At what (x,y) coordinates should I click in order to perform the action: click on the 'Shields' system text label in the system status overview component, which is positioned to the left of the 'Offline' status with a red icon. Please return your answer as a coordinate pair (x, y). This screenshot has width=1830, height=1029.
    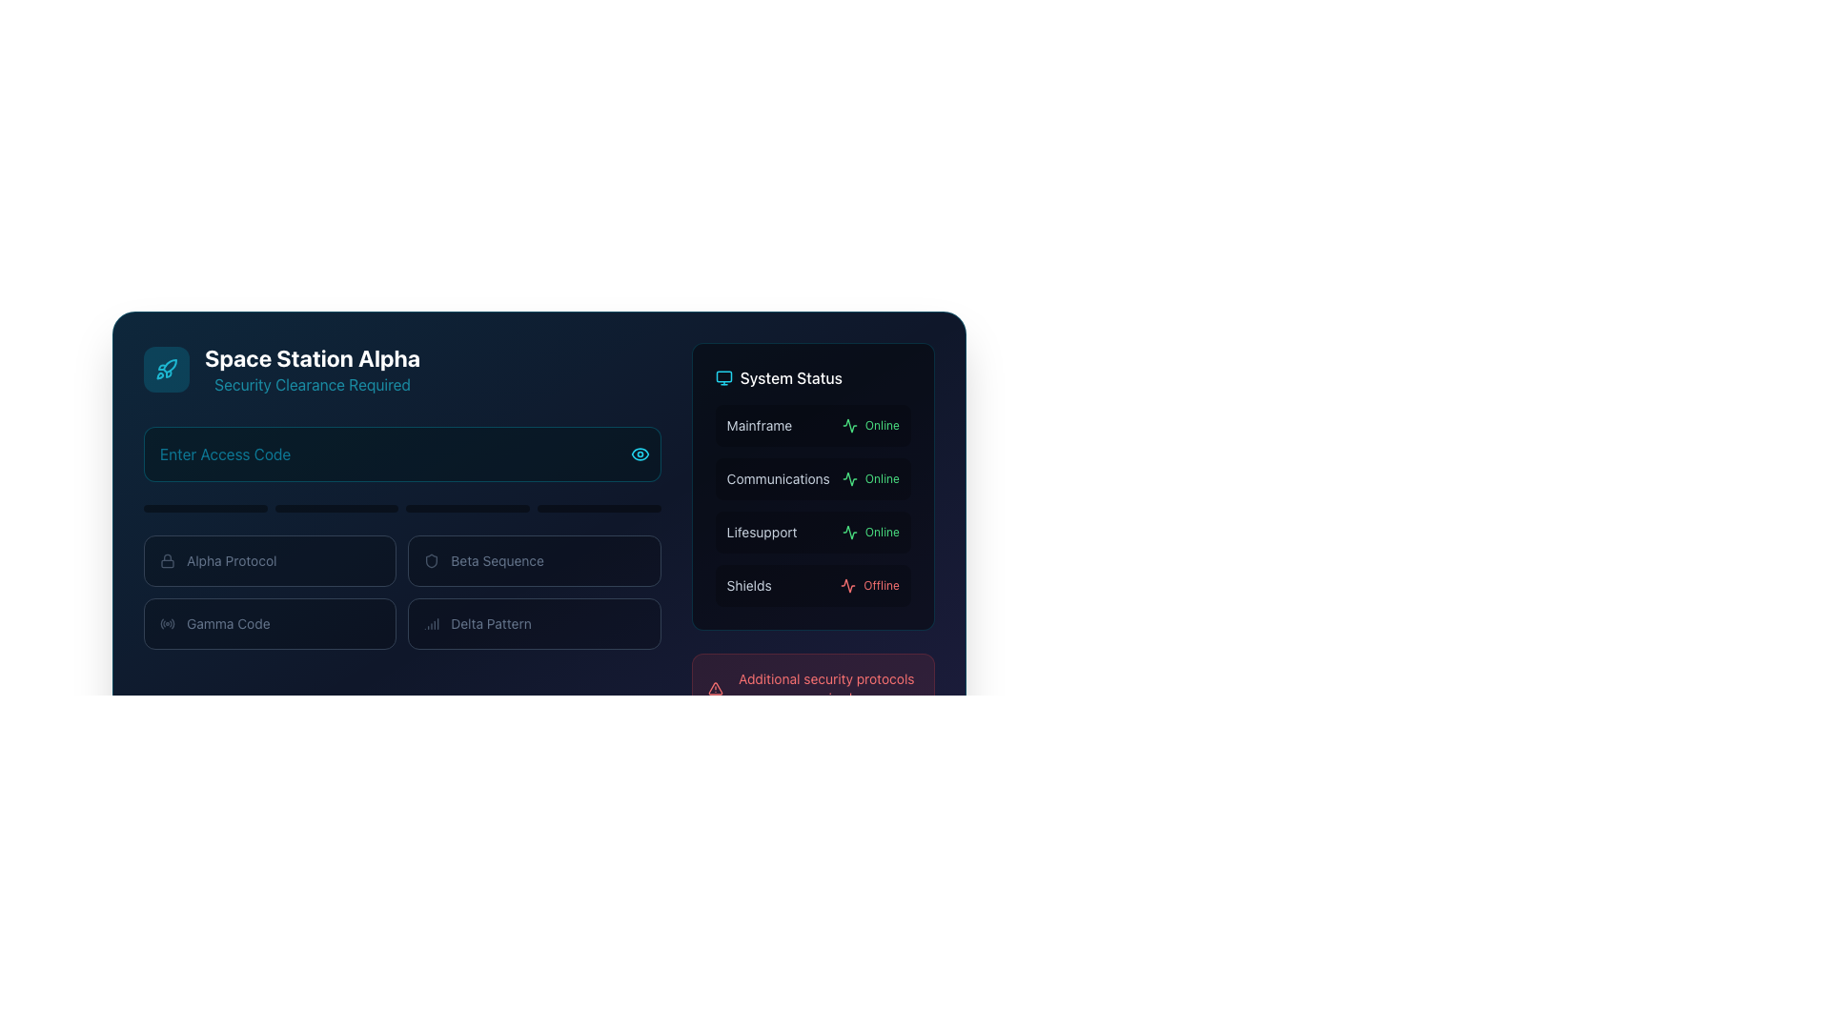
    Looking at the image, I should click on (748, 584).